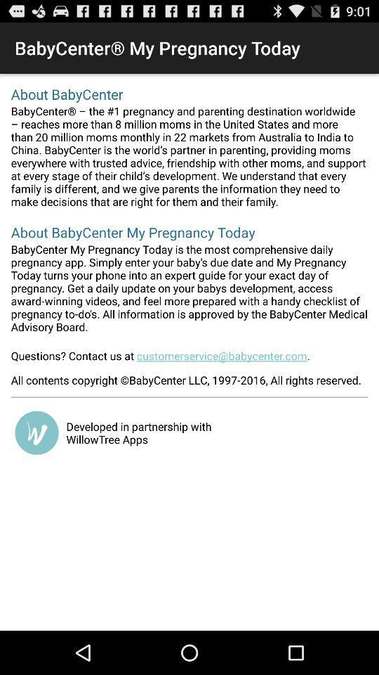 The image size is (379, 675). Describe the element at coordinates (189, 359) in the screenshot. I see `app above all contents copyright item` at that location.